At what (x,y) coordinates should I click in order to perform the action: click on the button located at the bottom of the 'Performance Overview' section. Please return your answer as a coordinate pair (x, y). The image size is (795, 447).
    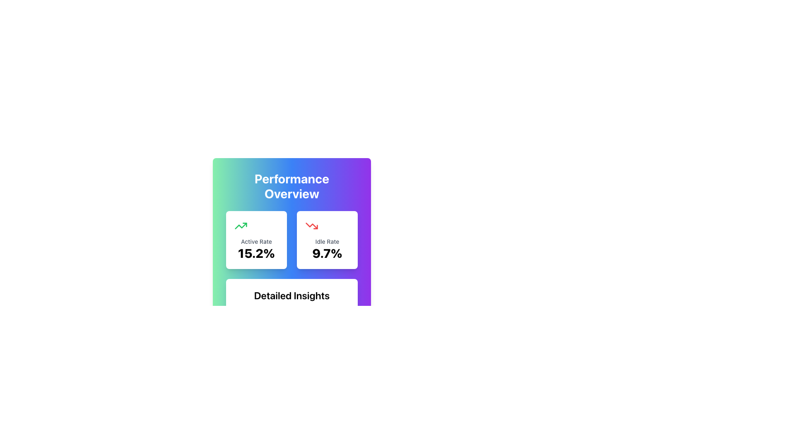
    Looking at the image, I should click on (292, 386).